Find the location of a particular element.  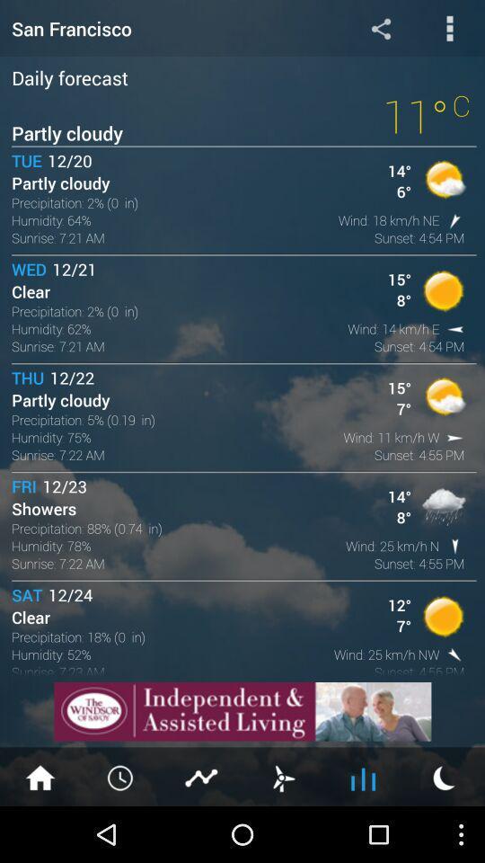

the home icon is located at coordinates (40, 832).